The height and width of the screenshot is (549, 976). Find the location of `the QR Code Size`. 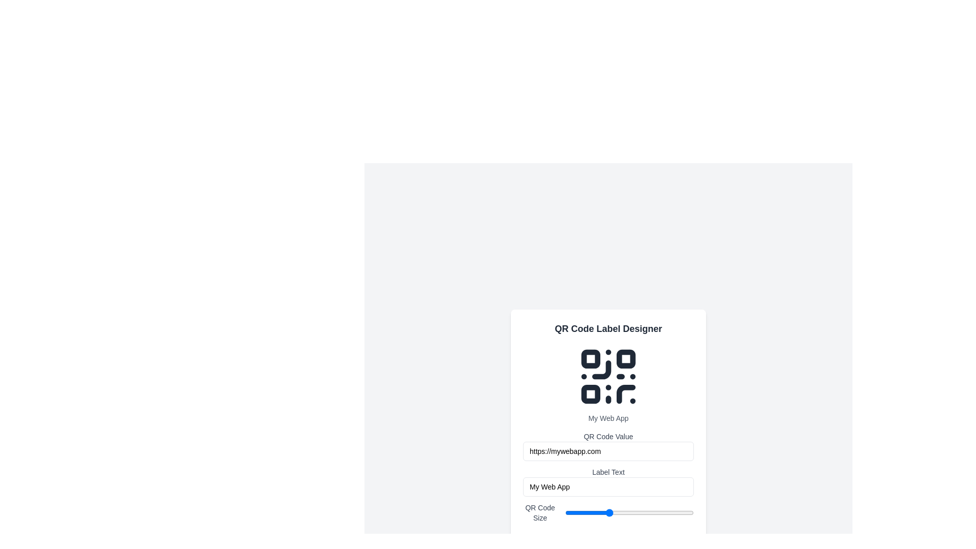

the QR Code Size is located at coordinates (575, 513).